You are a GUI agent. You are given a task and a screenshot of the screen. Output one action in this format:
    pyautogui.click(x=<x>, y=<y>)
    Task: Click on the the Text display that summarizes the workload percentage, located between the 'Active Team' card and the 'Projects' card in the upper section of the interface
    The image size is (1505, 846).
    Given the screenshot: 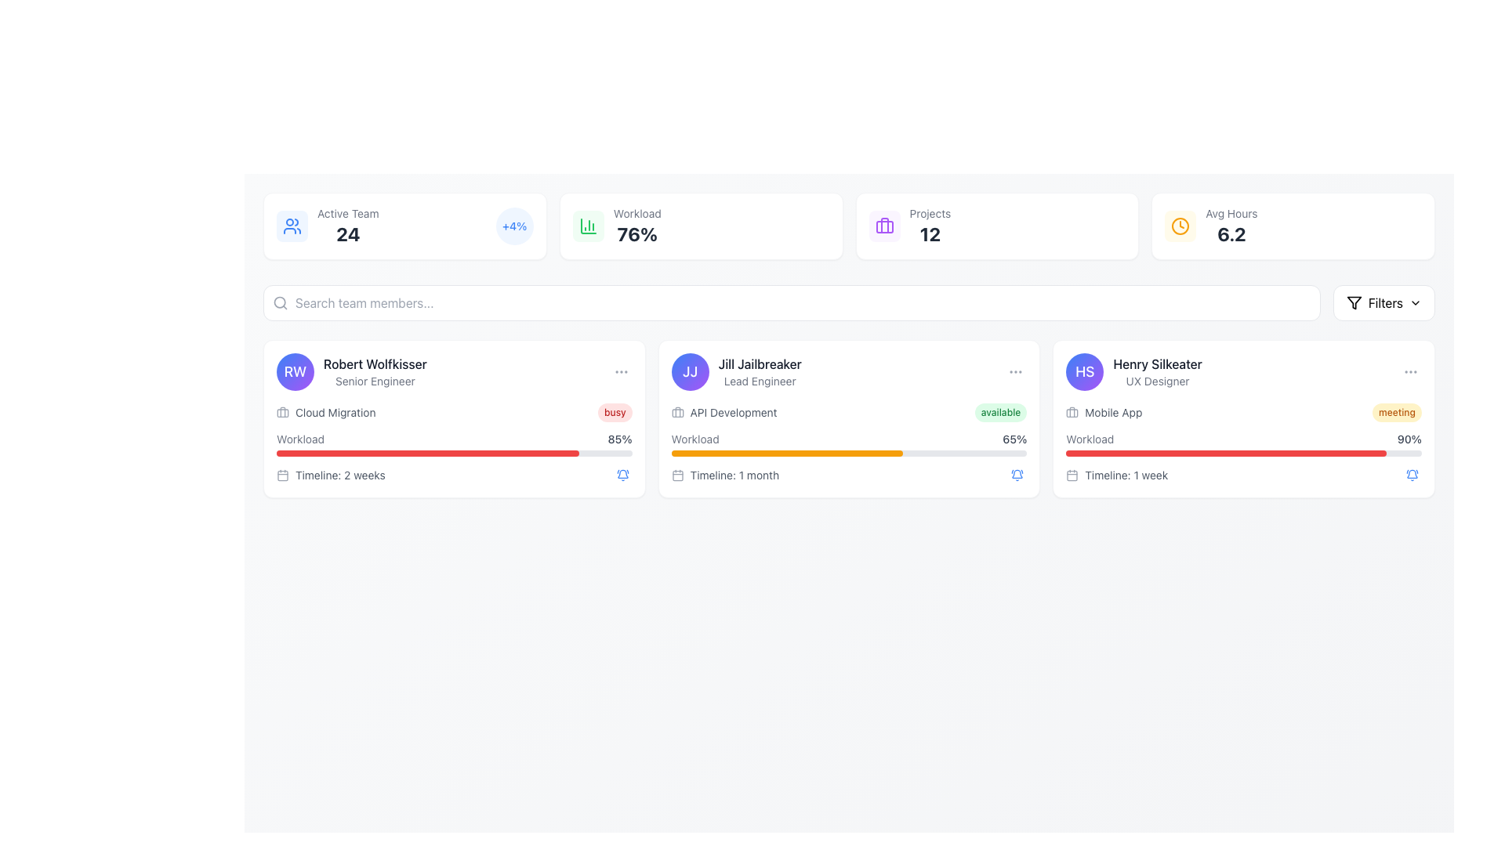 What is the action you would take?
    pyautogui.click(x=637, y=226)
    